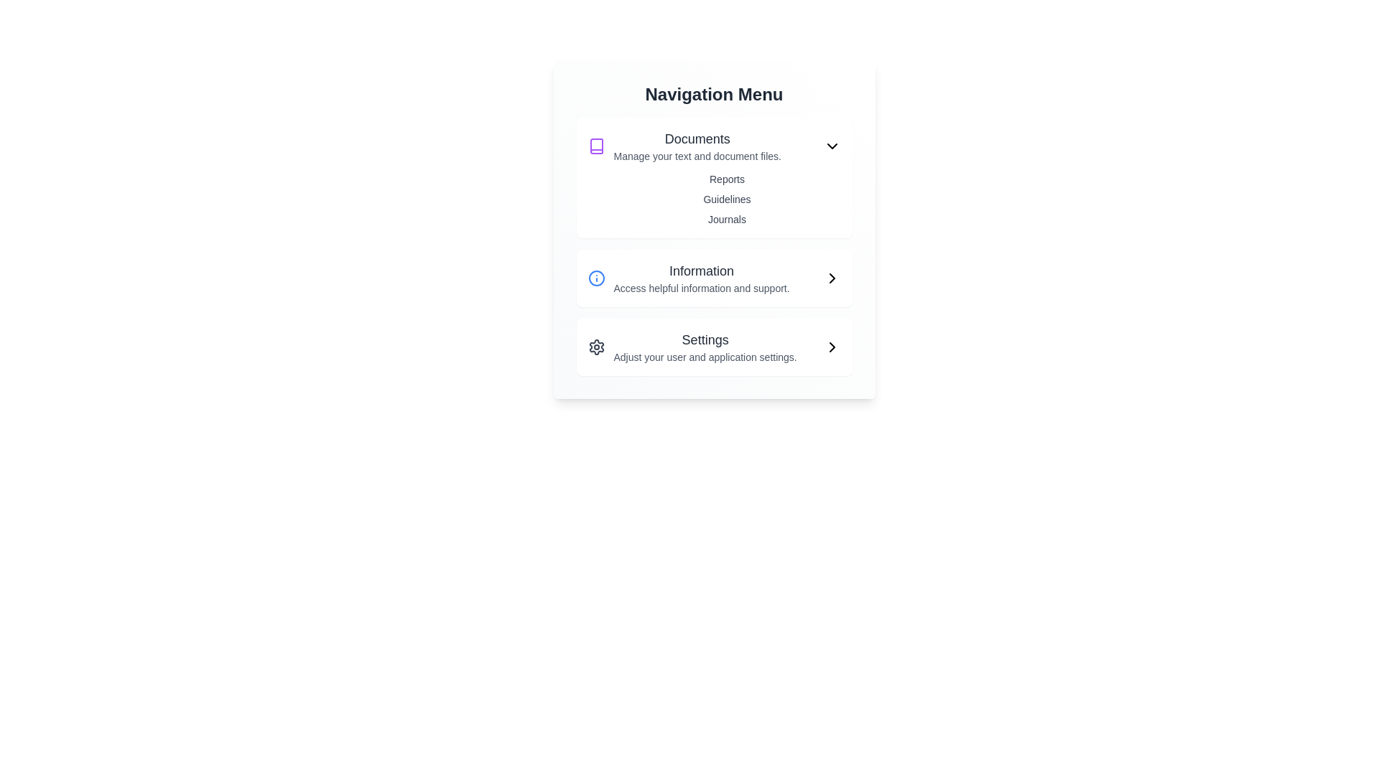 The image size is (1379, 775). What do you see at coordinates (832, 347) in the screenshot?
I see `the chevron icon on the right edge of the third row` at bounding box center [832, 347].